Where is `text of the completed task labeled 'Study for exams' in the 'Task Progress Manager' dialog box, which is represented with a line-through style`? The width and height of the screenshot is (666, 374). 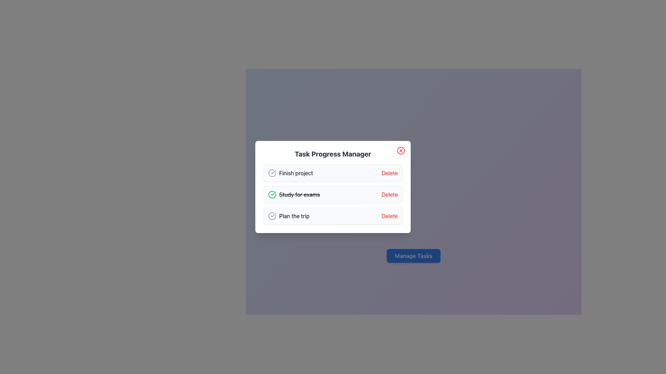 text of the completed task labeled 'Study for exams' in the 'Task Progress Manager' dialog box, which is represented with a line-through style is located at coordinates (299, 195).